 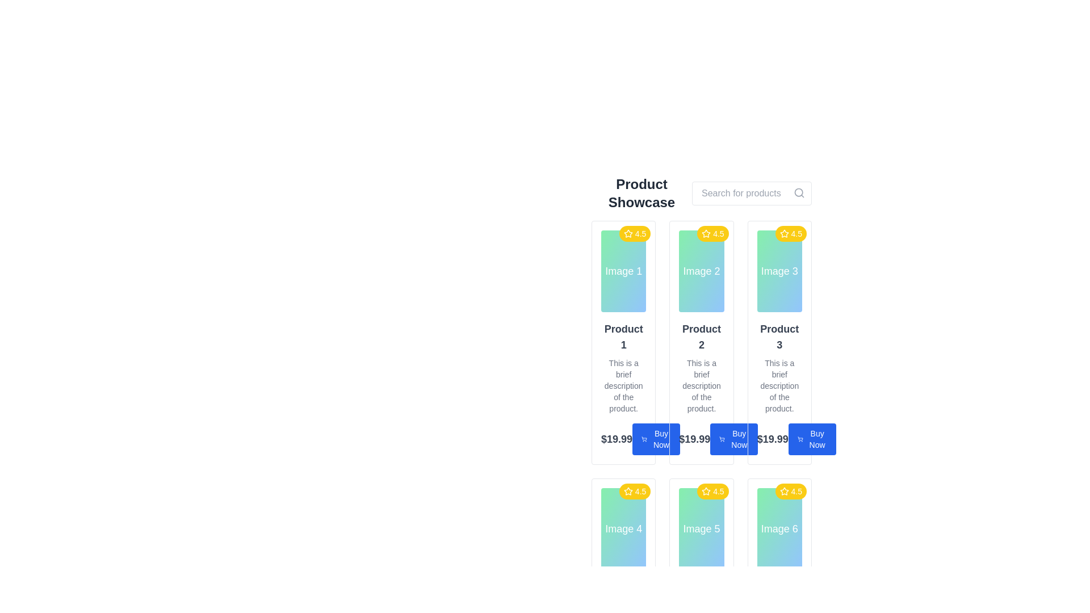 I want to click on the yellow star-shaped icon representing a rating or favorite indicator located in the second product card, positioned above the image and text description of 'Product 2', so click(x=706, y=233).